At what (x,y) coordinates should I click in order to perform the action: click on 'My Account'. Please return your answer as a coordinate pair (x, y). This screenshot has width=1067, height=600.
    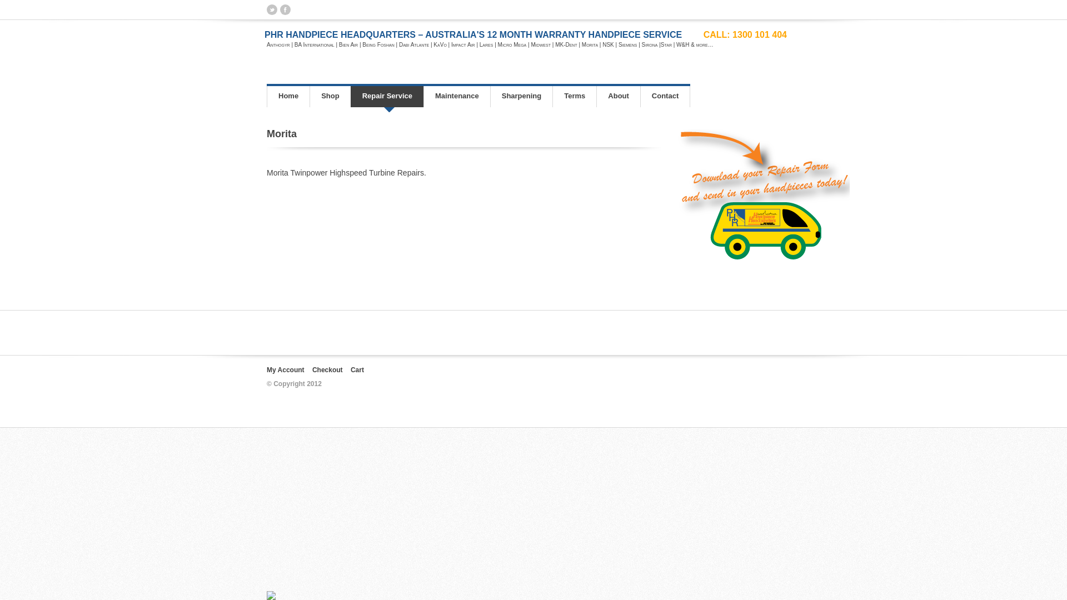
    Looking at the image, I should click on (285, 370).